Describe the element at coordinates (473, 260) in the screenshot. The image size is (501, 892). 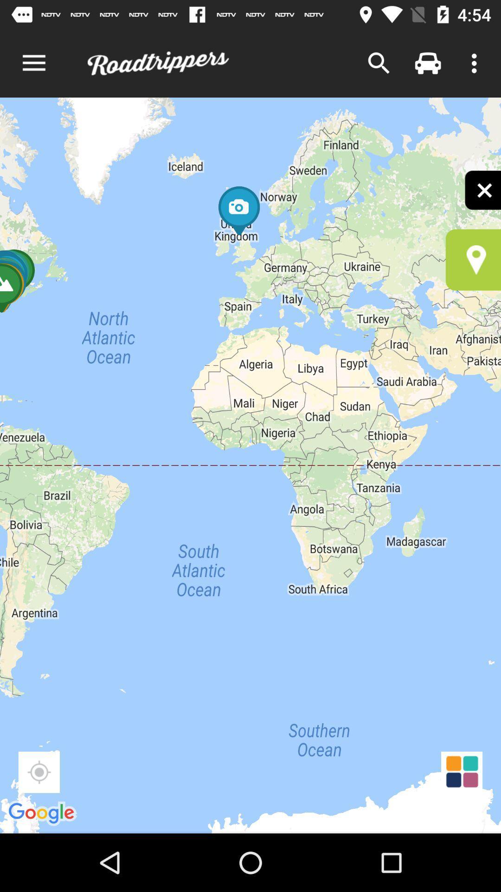
I see `location` at that location.